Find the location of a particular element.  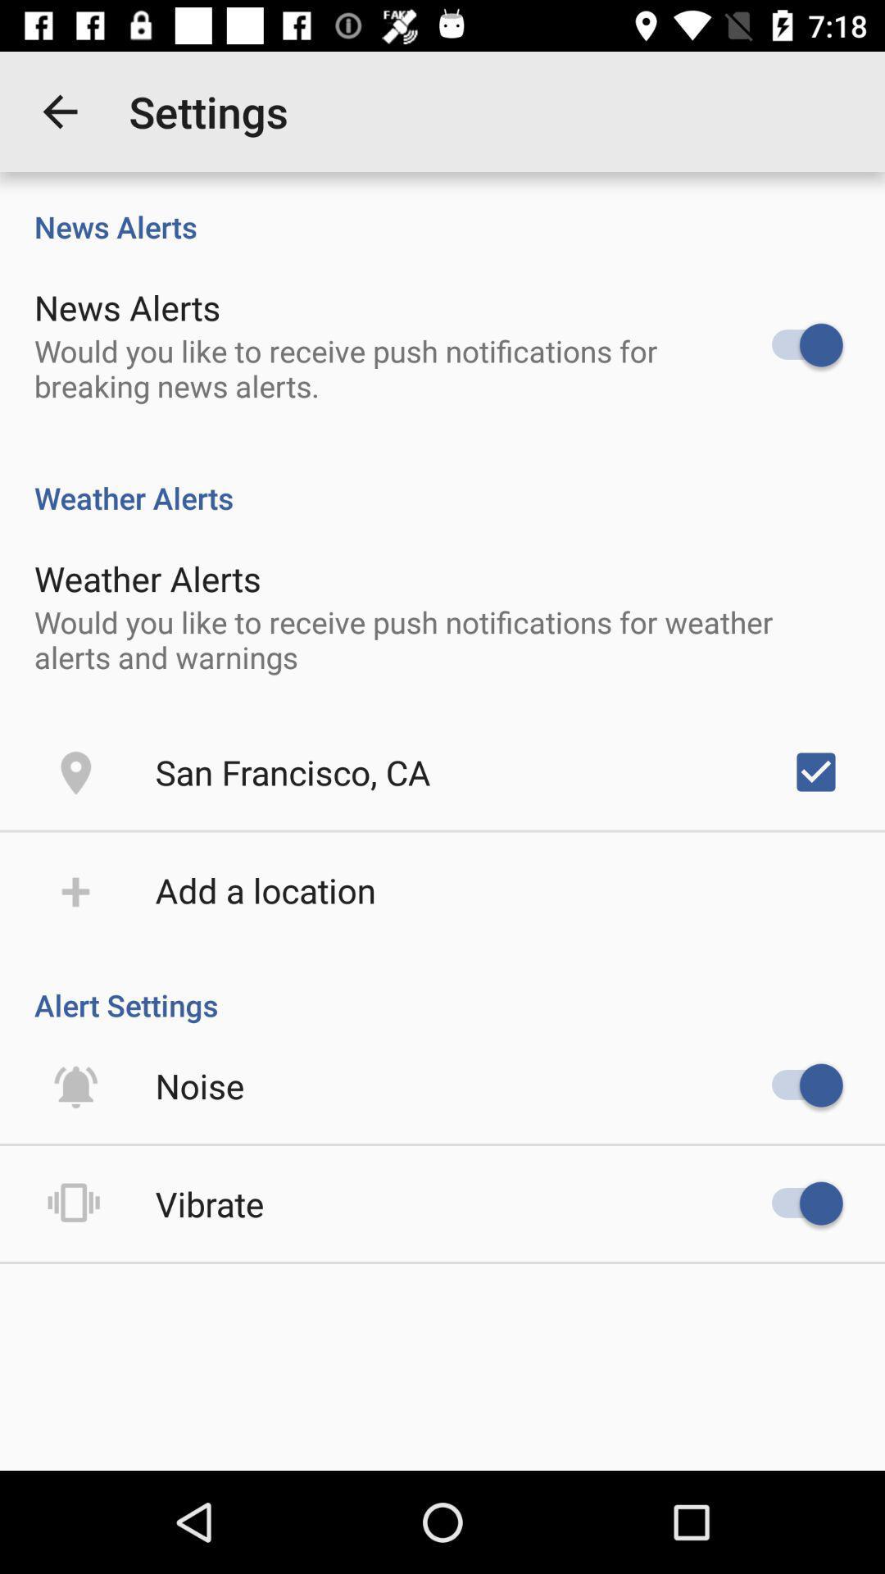

item to the right of the san francisco, ca is located at coordinates (815, 771).